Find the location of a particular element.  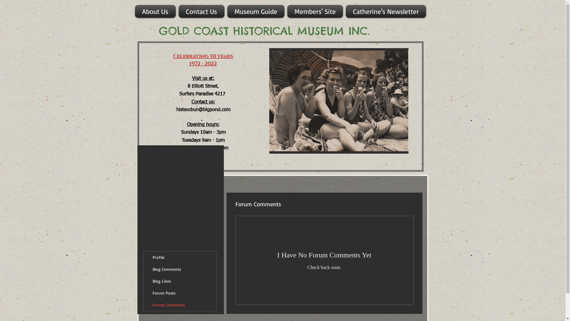

'Blog Comments' is located at coordinates (180, 269).